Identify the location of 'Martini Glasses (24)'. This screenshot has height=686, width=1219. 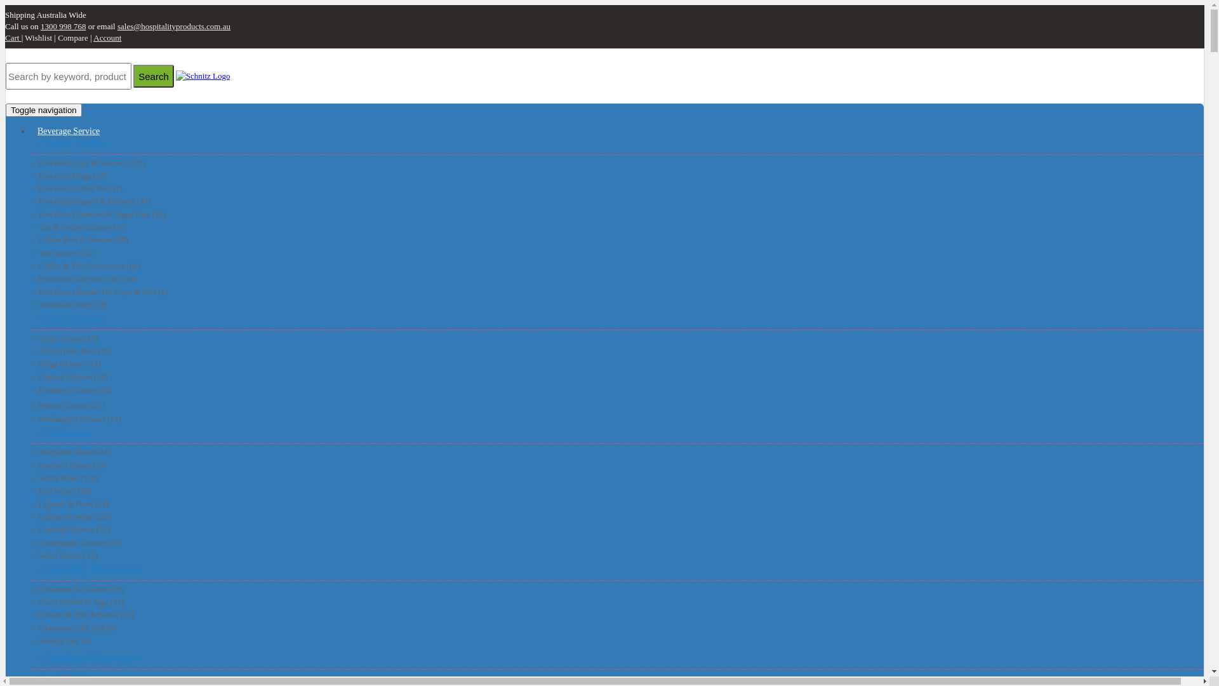
(32, 465).